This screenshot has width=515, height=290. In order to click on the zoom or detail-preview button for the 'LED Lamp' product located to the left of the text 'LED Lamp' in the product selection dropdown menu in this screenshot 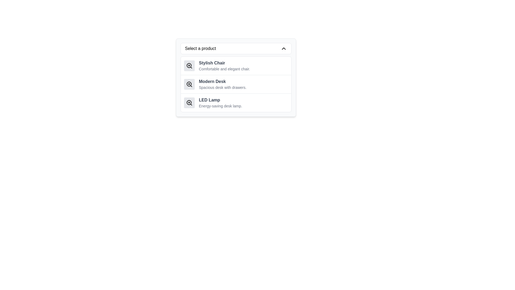, I will do `click(189, 103)`.